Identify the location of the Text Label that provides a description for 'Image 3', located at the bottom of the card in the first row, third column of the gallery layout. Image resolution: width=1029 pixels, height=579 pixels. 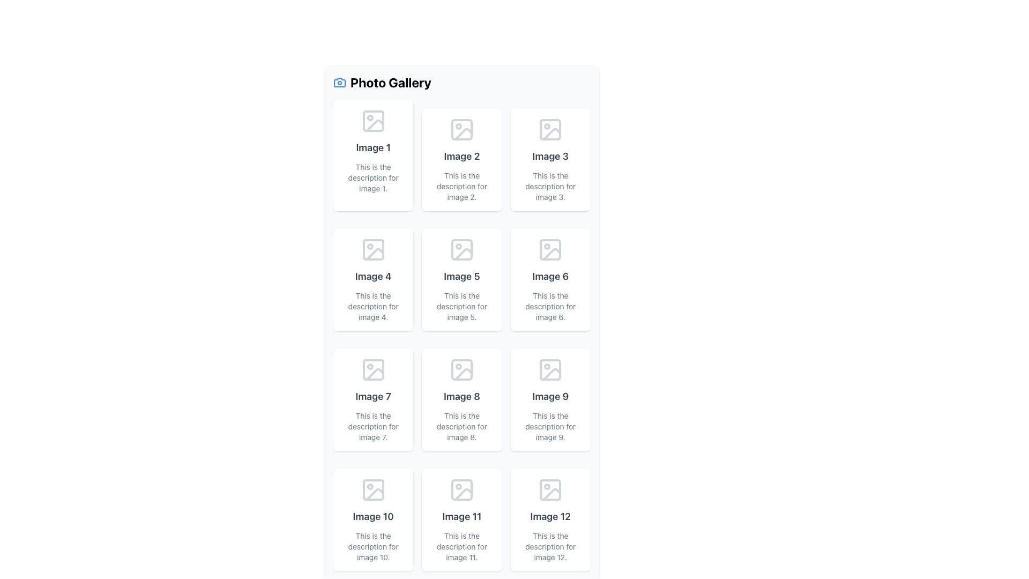
(550, 185).